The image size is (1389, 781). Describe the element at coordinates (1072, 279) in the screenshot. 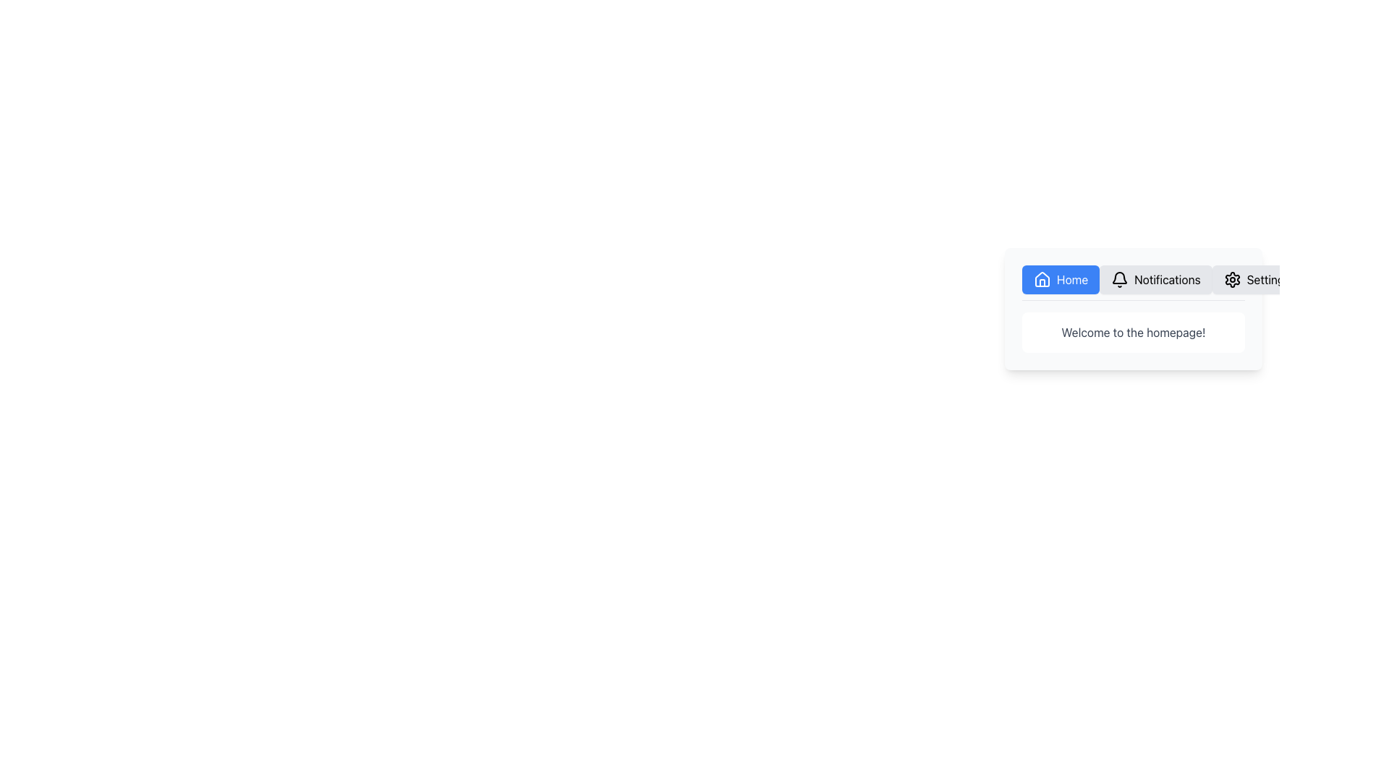

I see `text label of the home button located in the top left area of the navigation menu, positioned to the right of a house icon` at that location.